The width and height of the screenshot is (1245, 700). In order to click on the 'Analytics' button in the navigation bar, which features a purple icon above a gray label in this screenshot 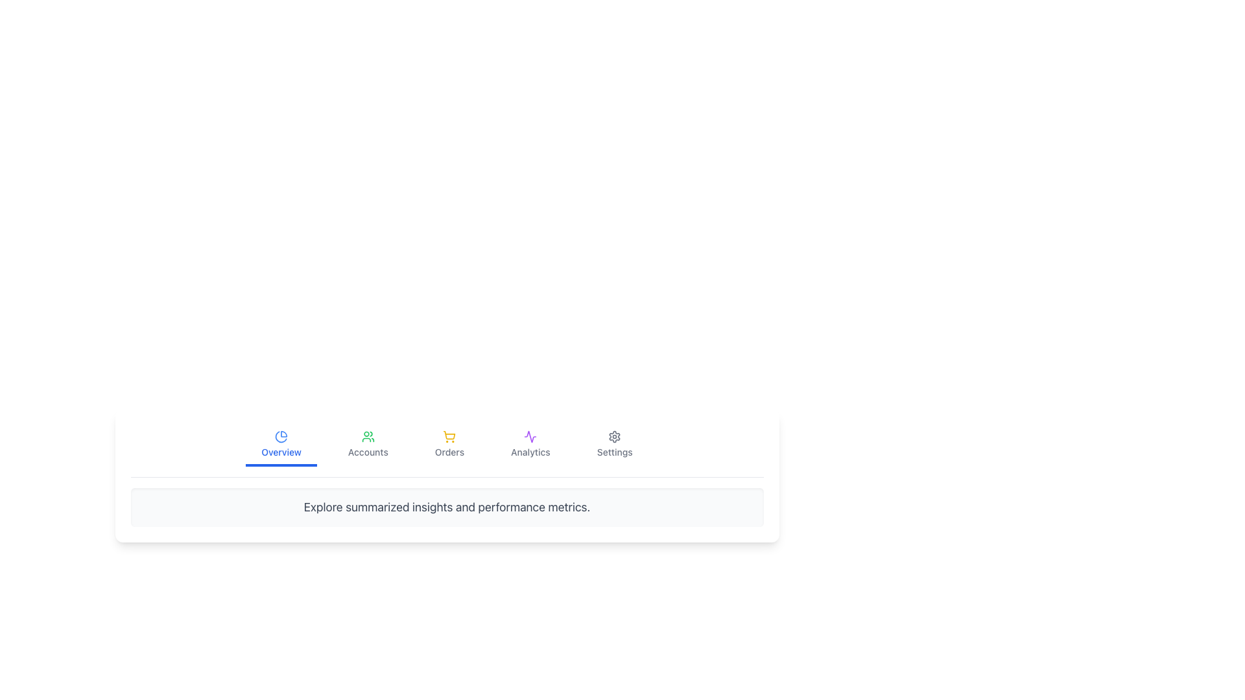, I will do `click(530, 445)`.